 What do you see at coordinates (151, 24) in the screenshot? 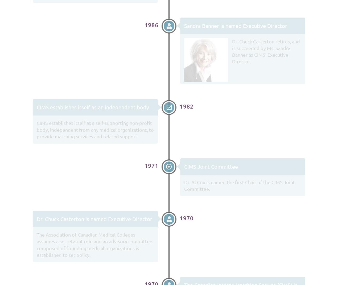
I see `'1986'` at bounding box center [151, 24].